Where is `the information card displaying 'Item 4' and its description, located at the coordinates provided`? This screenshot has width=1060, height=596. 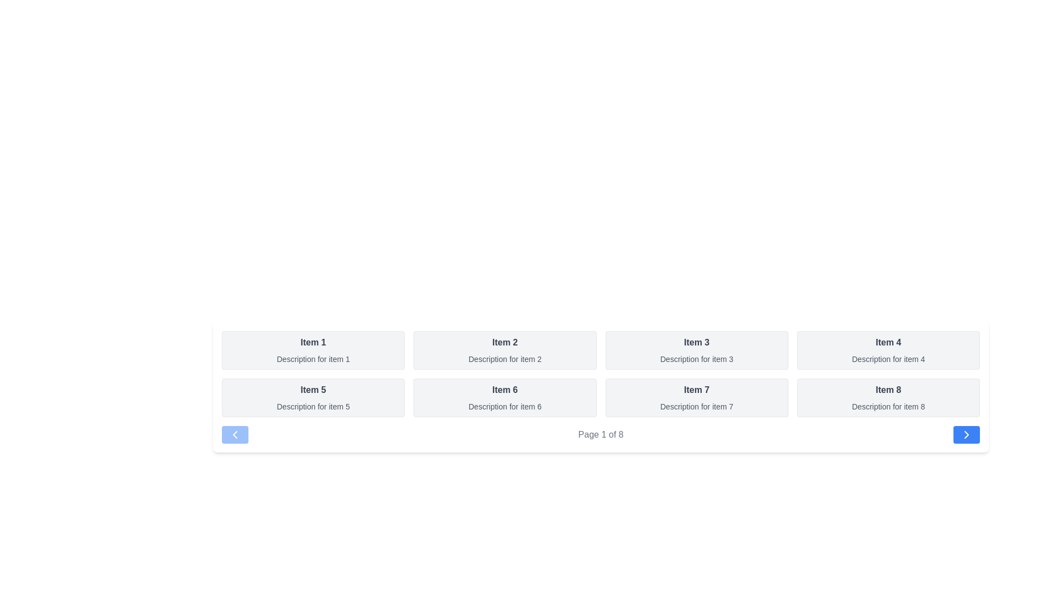 the information card displaying 'Item 4' and its description, located at the coordinates provided is located at coordinates (888, 350).